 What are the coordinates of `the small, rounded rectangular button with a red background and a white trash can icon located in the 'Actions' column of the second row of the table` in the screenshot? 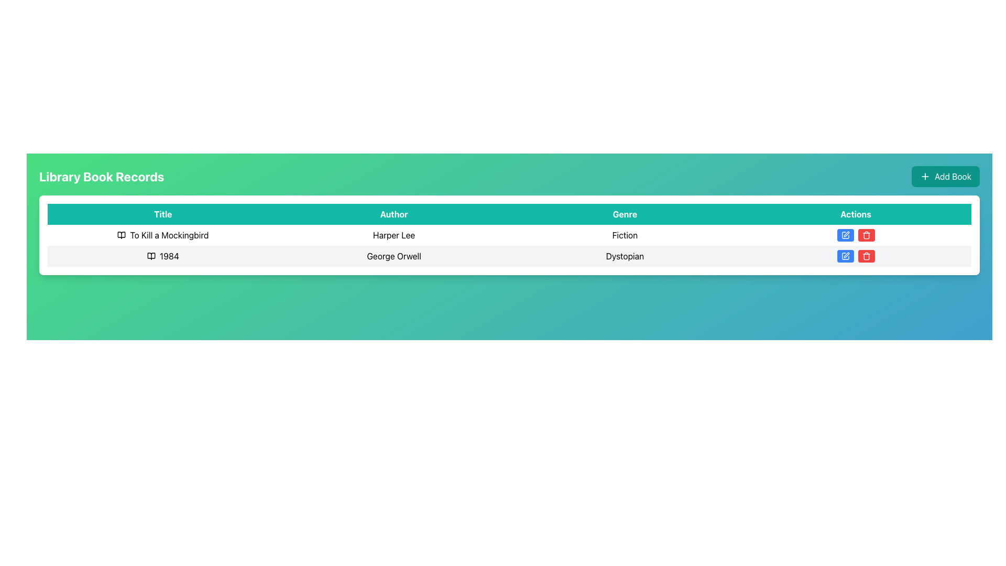 It's located at (866, 234).